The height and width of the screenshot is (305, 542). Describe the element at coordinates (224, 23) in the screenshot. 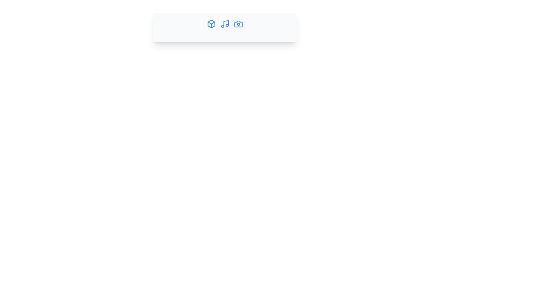

I see `the music function icon button, which is centrally located in a row of three icons, to scale it up` at that location.